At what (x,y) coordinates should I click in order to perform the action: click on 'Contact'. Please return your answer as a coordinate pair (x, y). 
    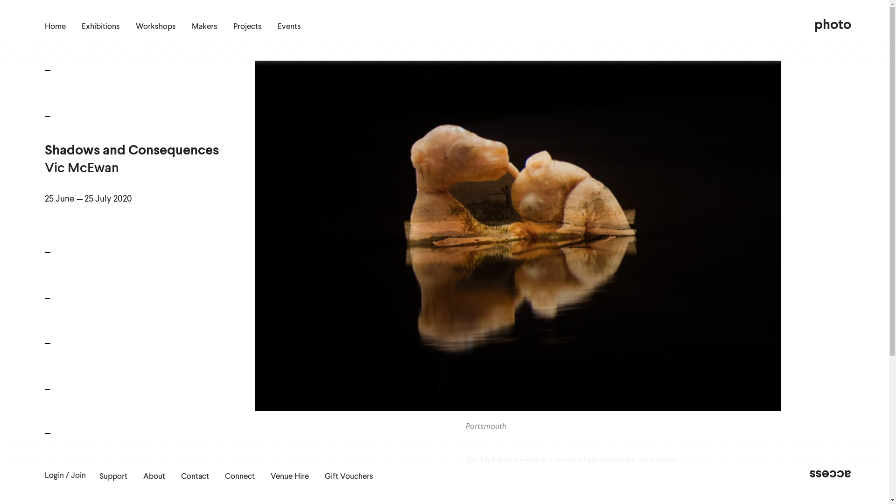
    Looking at the image, I should click on (194, 476).